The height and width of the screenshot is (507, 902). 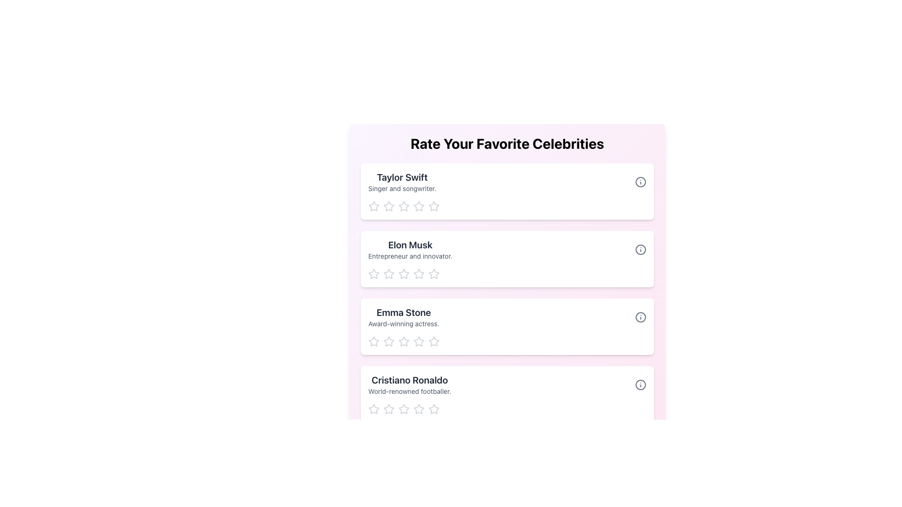 What do you see at coordinates (434, 206) in the screenshot?
I see `the third star-shaped icon with a light gray outline in the rating interface beneath 'Taylor Swift' for a custom rating action` at bounding box center [434, 206].